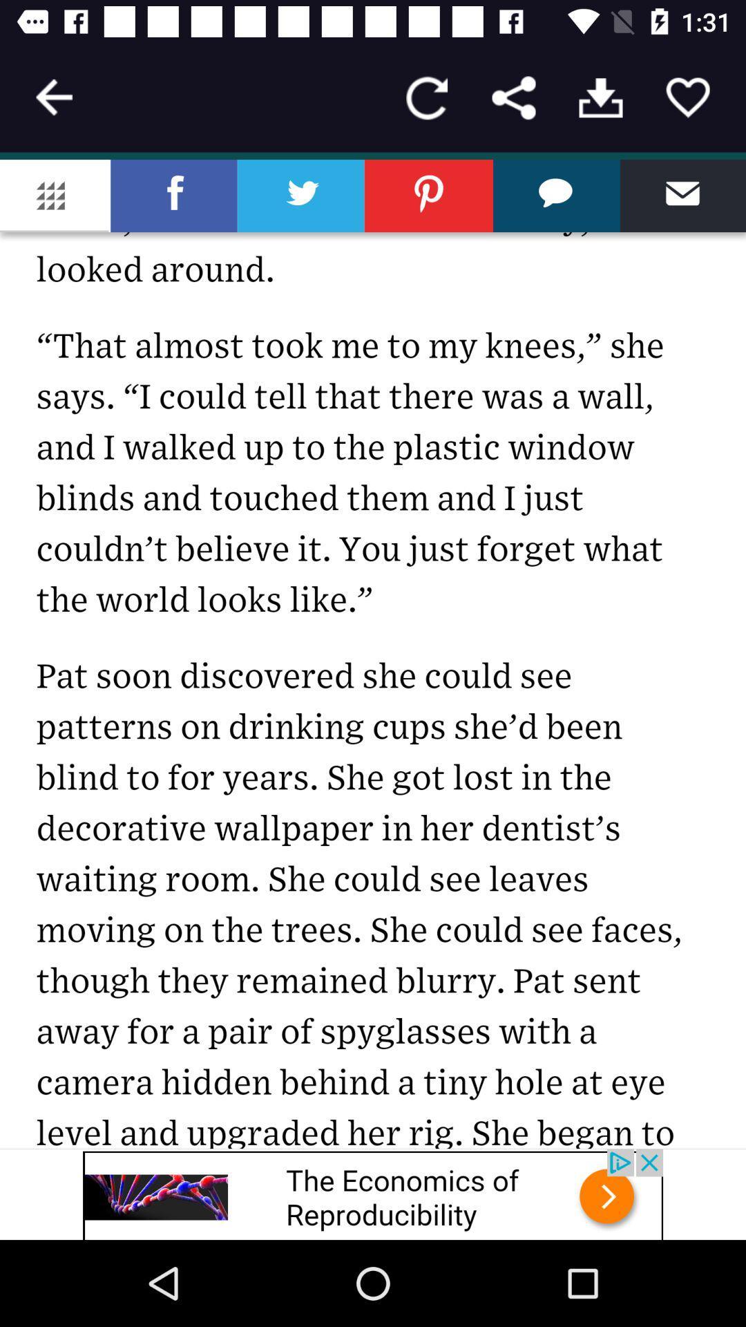 The width and height of the screenshot is (746, 1327). What do you see at coordinates (425, 97) in the screenshot?
I see `reload page` at bounding box center [425, 97].